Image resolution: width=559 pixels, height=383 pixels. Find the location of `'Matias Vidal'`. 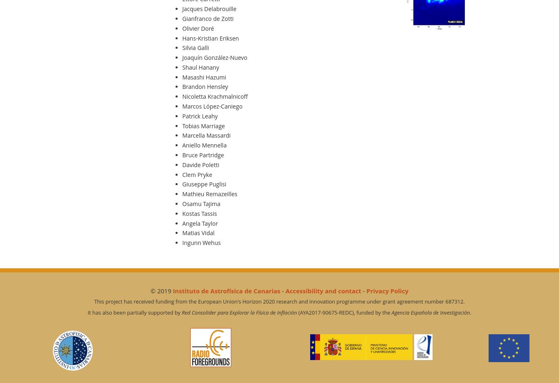

'Matias Vidal' is located at coordinates (198, 233).